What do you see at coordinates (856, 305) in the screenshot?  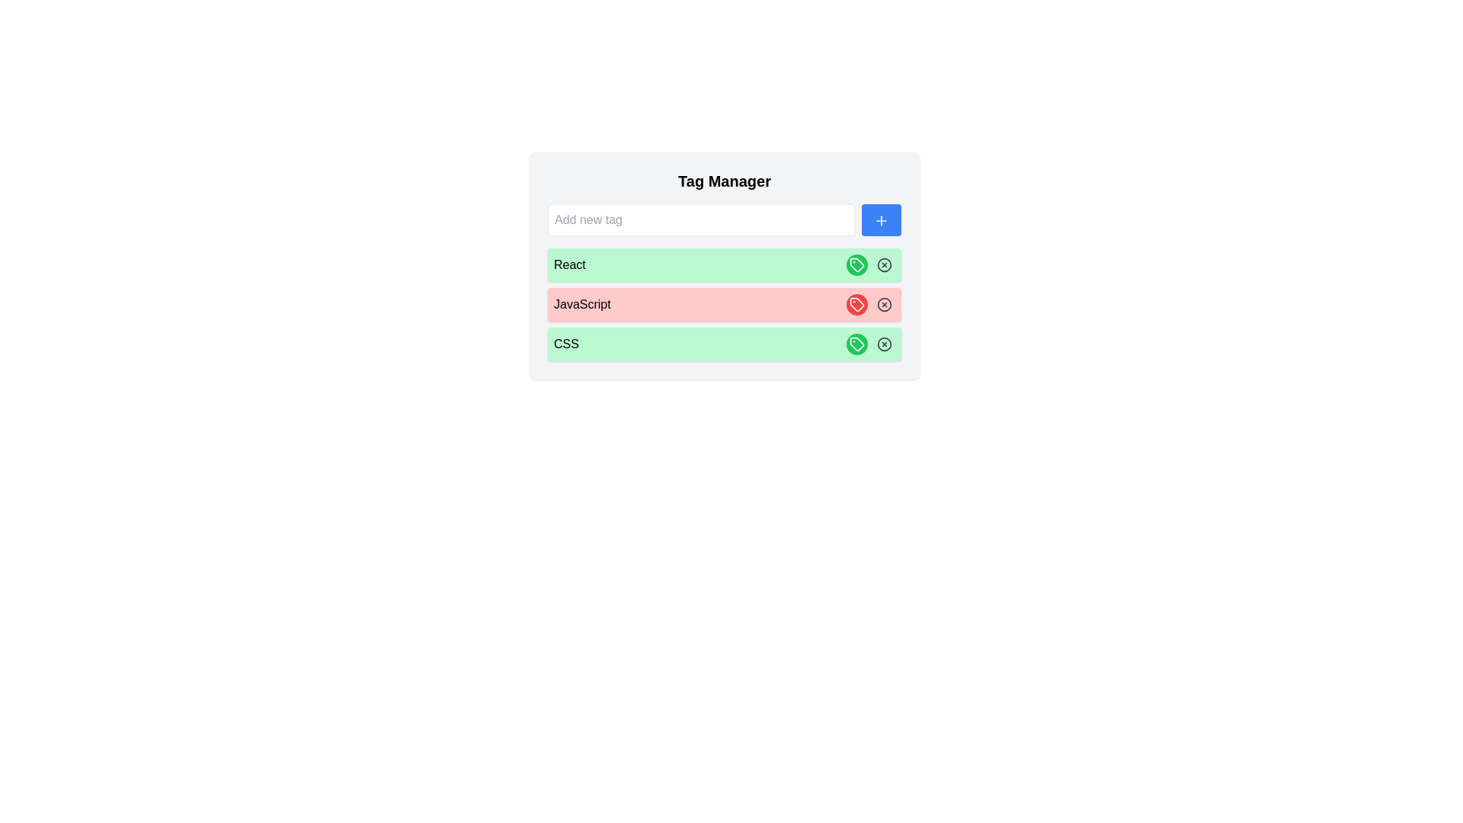 I see `the tag labeled JavaScript` at bounding box center [856, 305].